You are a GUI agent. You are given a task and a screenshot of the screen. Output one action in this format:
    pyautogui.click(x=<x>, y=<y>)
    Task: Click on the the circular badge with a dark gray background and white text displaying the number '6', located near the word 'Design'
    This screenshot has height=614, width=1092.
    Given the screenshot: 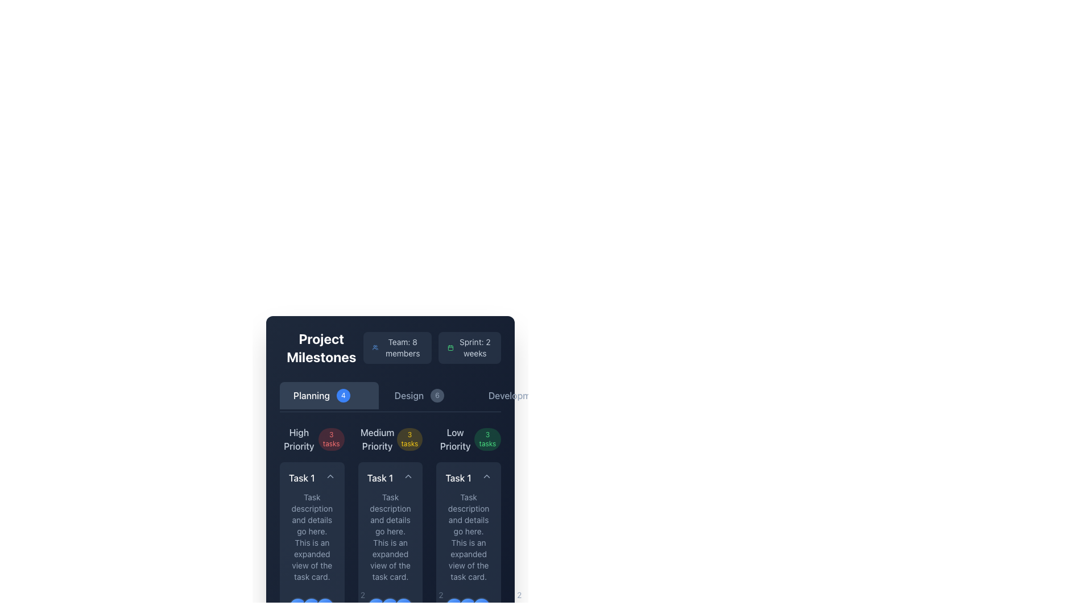 What is the action you would take?
    pyautogui.click(x=436, y=395)
    